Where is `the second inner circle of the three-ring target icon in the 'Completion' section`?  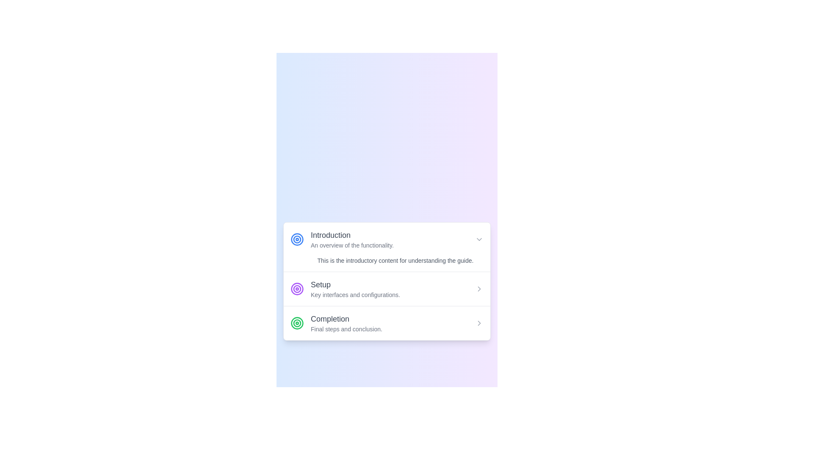 the second inner circle of the three-ring target icon in the 'Completion' section is located at coordinates (297, 323).